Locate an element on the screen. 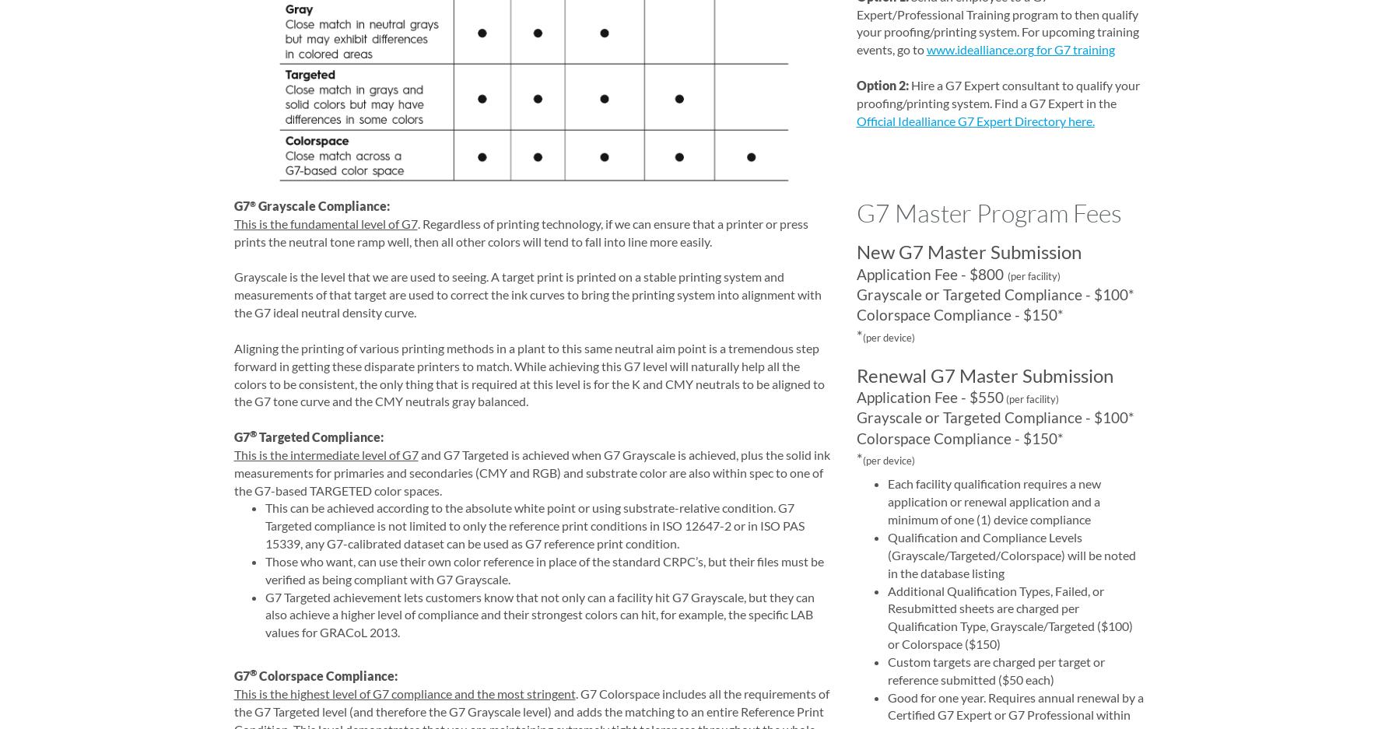  'This can be achieved according to the absolute white point or using substrate-relative condition. G7 Targeted compliance is not limited to only the reference print conditions in ISO 12647-2 or in ISO PAS 15339, any G7-calibrated dataset can be used as G7 reference print condition.' is located at coordinates (264, 524).